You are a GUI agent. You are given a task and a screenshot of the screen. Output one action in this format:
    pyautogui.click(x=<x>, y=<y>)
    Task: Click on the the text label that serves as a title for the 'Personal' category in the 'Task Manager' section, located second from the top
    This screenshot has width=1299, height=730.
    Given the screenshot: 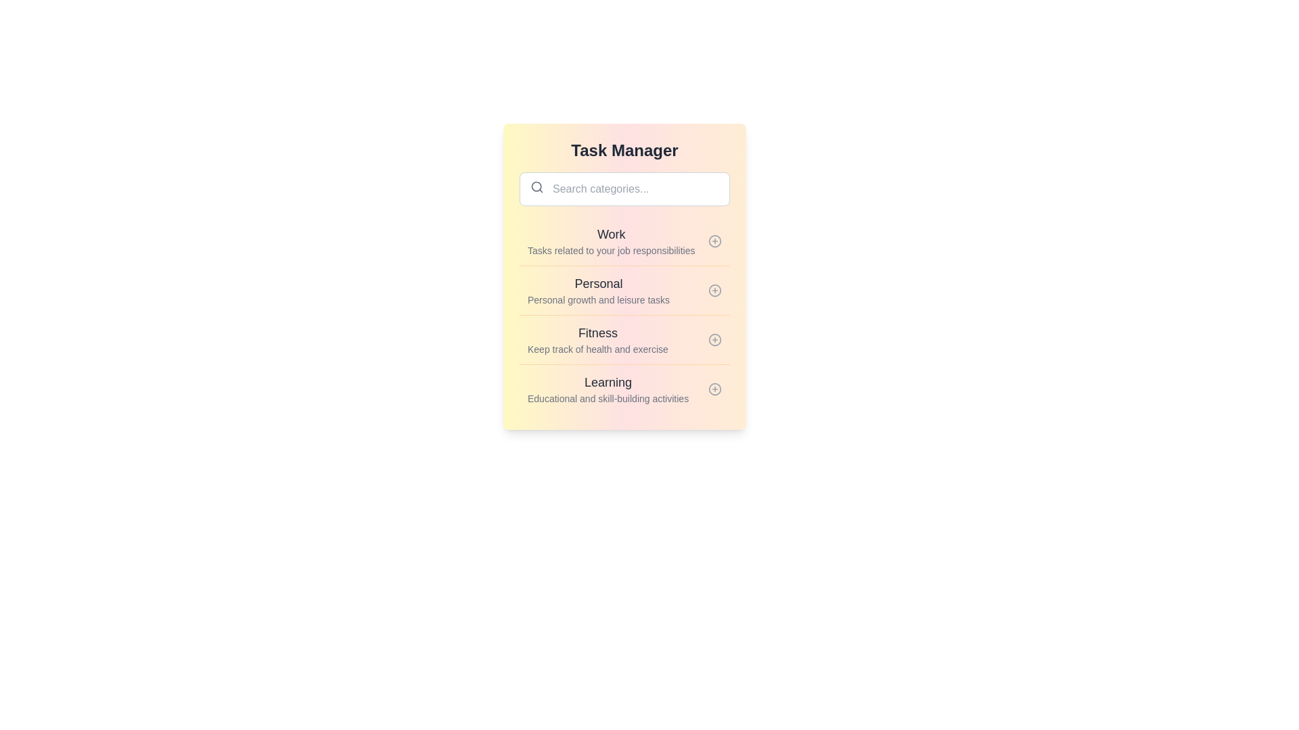 What is the action you would take?
    pyautogui.click(x=598, y=283)
    